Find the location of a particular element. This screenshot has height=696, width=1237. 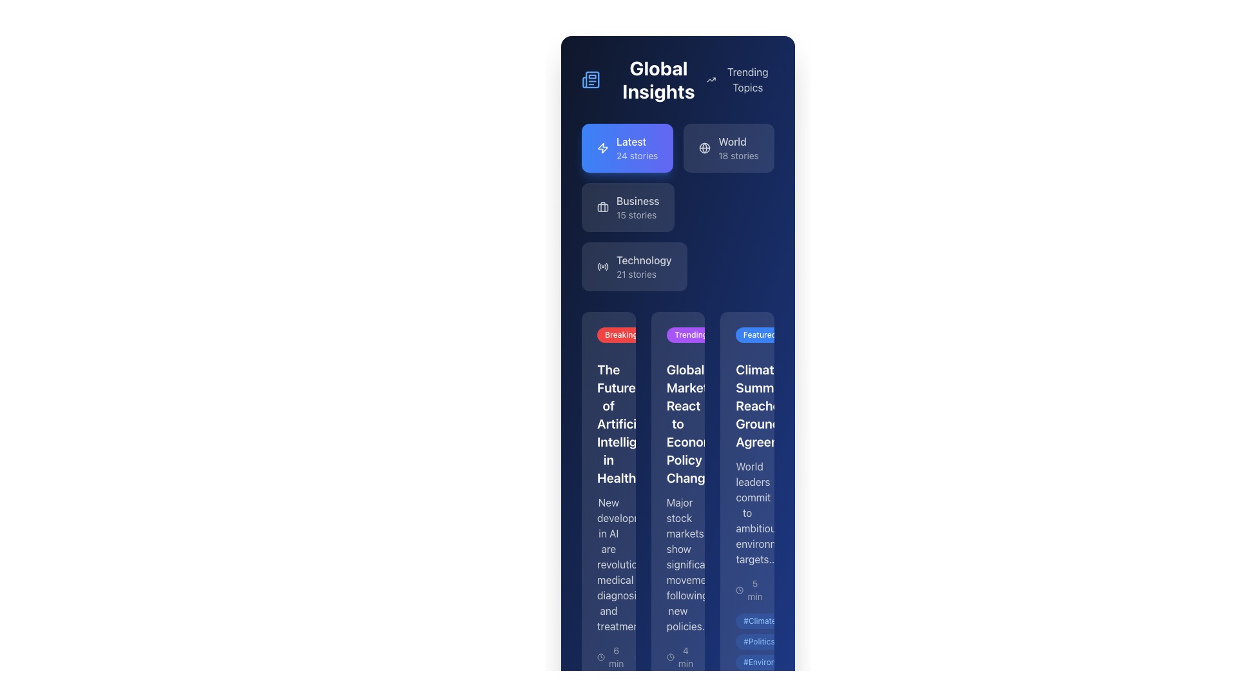

the headline text label of the first news article in the list to read the associated article is located at coordinates (608, 424).